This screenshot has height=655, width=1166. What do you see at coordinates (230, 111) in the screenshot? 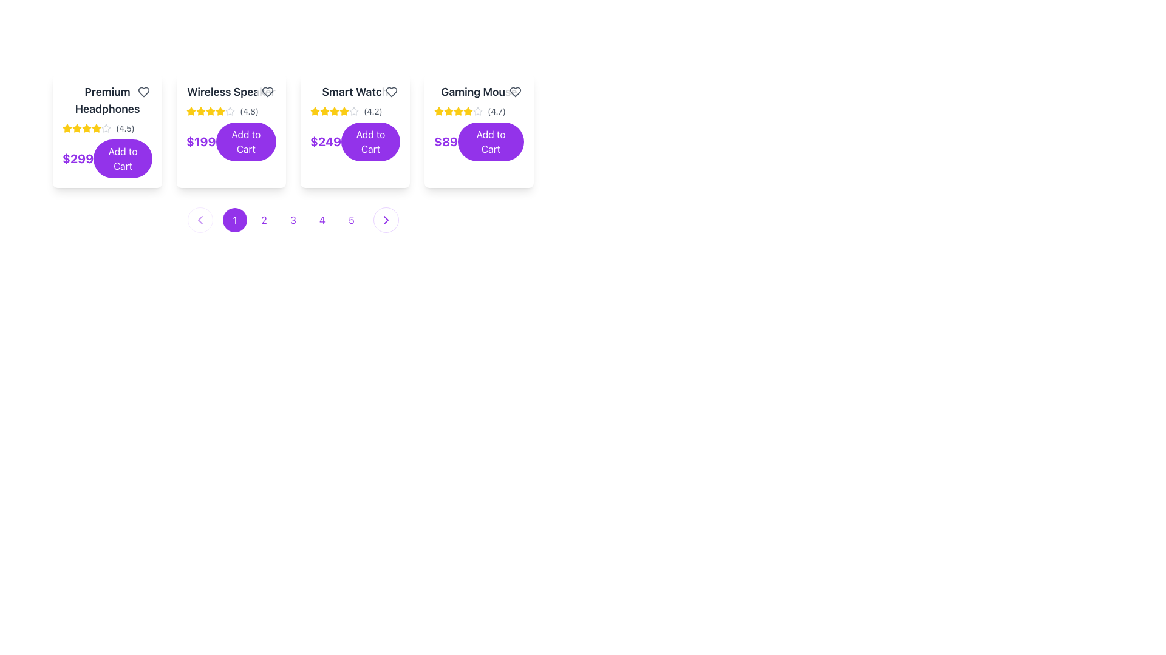
I see `the rating icon for the 'Wireless Speaker' product, which indicates an unselected or inactive state, located above the price and below the product name` at bounding box center [230, 111].